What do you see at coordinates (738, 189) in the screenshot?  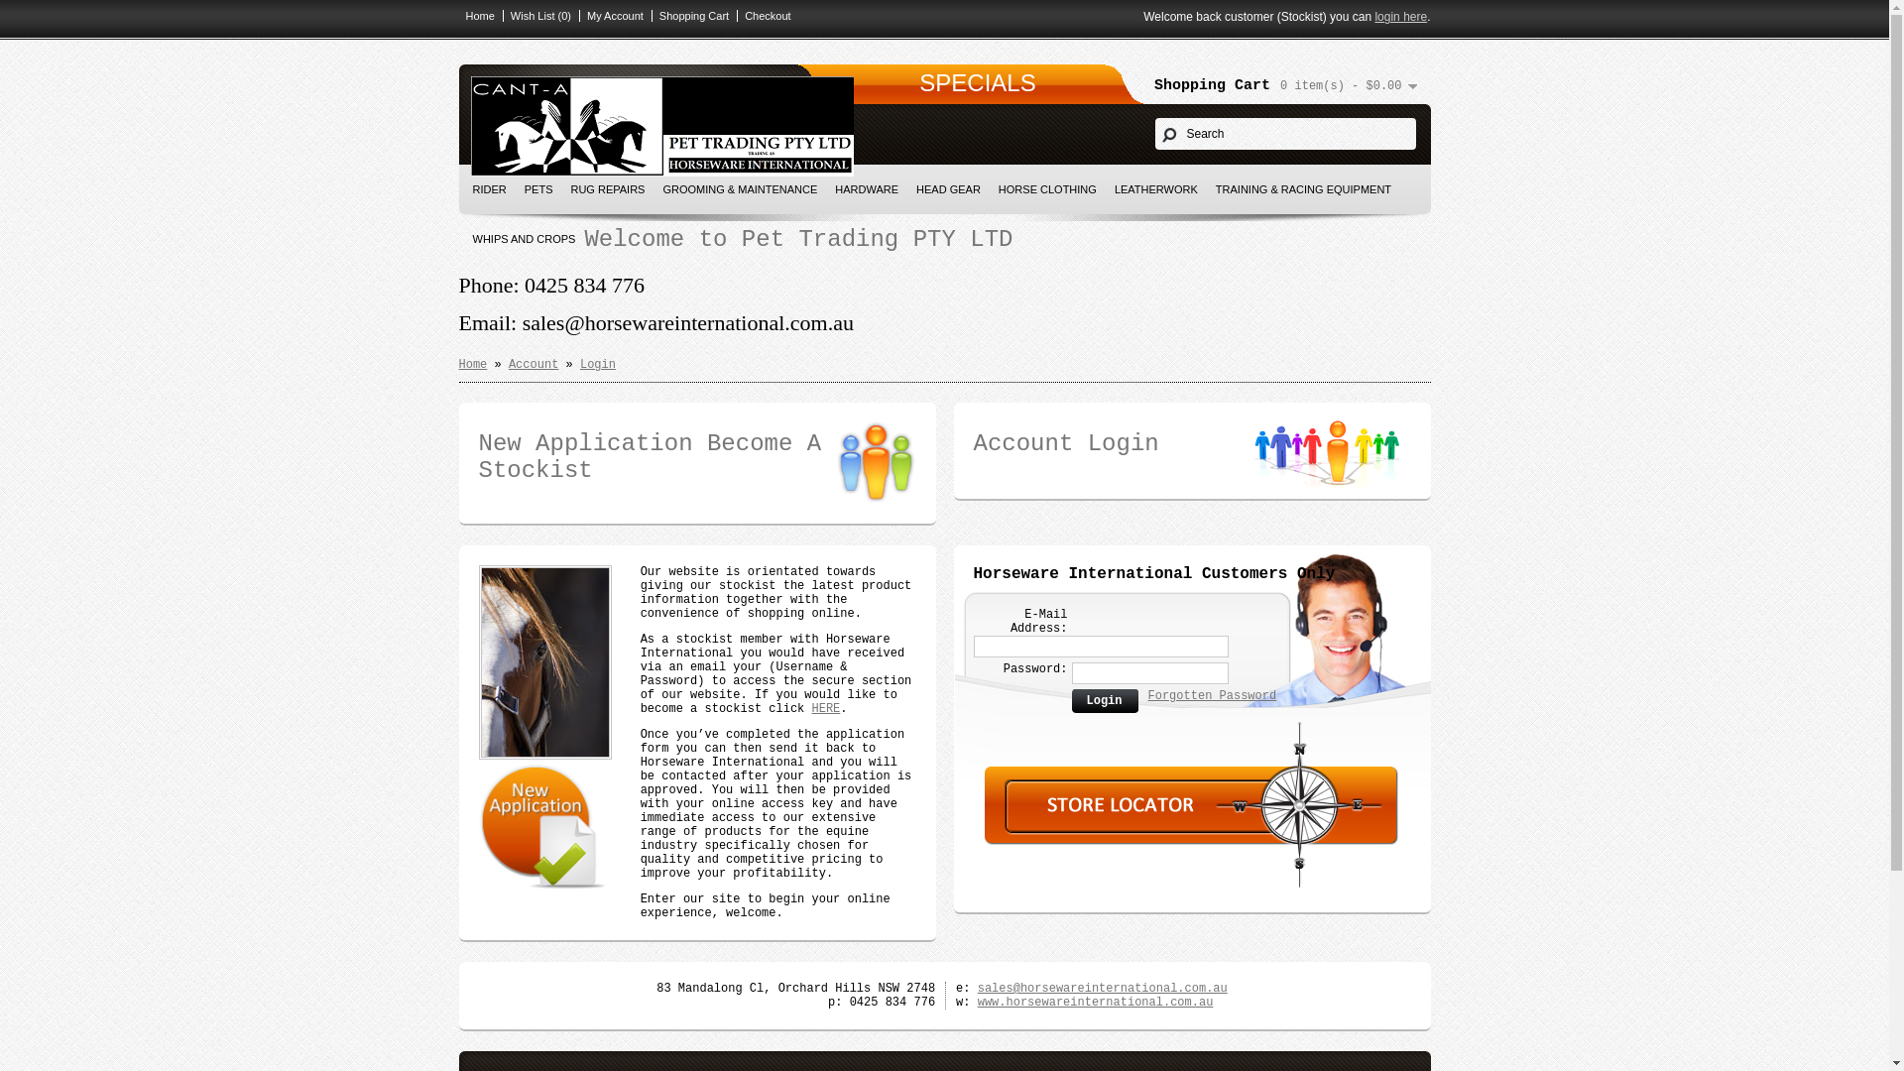 I see `'GROOMING & MAINTENANCE'` at bounding box center [738, 189].